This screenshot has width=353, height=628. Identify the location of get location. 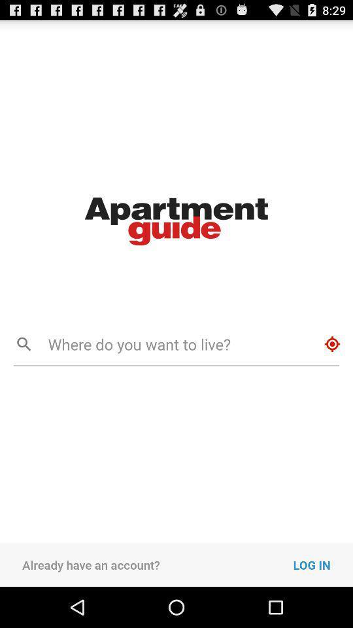
(332, 343).